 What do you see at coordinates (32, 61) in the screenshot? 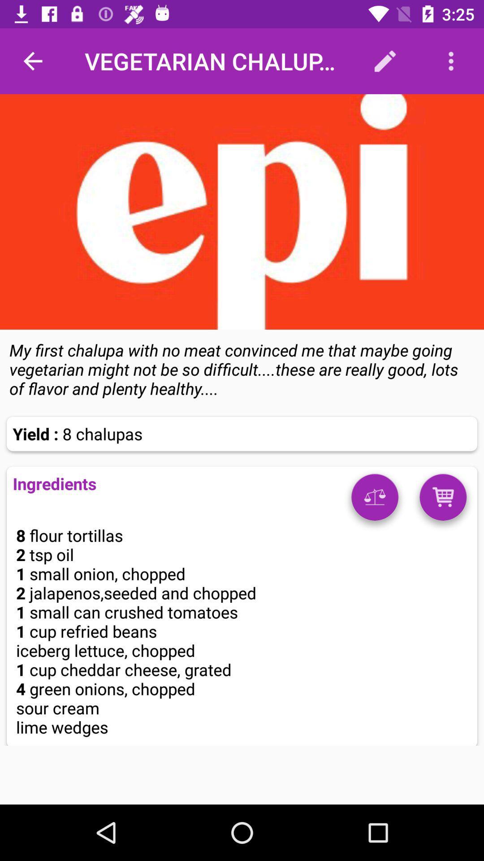
I see `item at the top left corner` at bounding box center [32, 61].